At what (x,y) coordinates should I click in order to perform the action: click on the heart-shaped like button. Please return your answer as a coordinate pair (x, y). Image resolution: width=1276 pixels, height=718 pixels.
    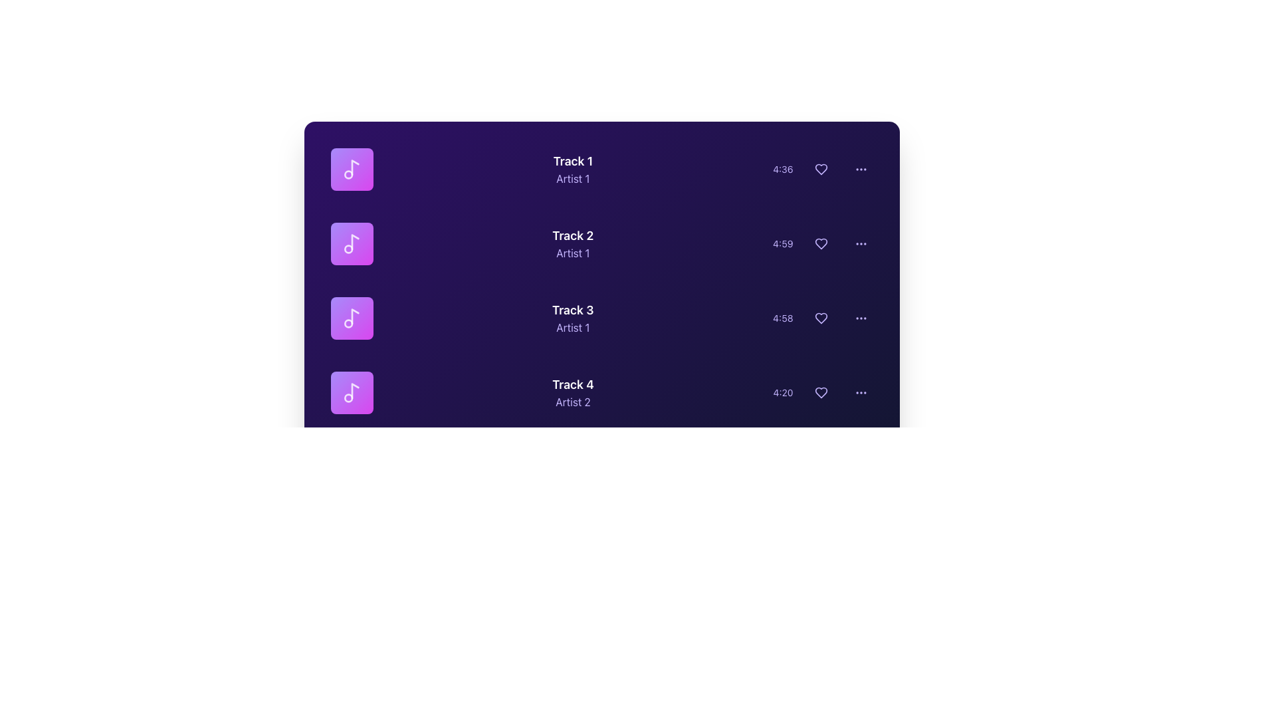
    Looking at the image, I should click on (820, 318).